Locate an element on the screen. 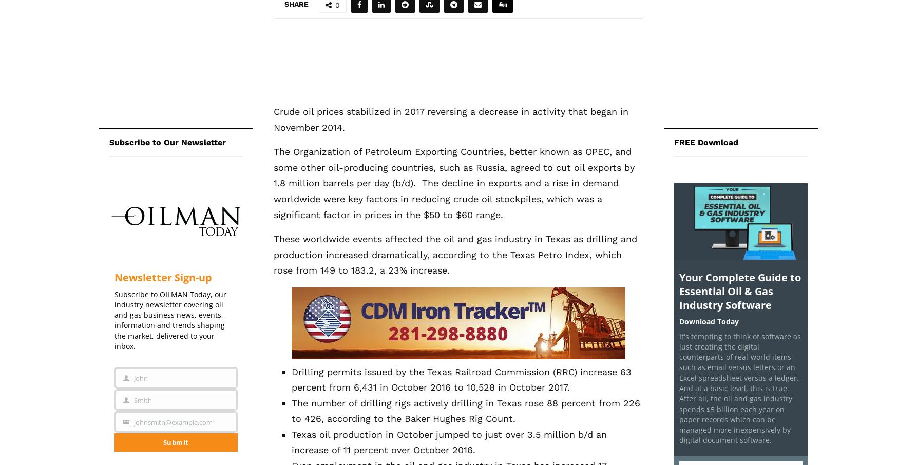  'It's tempting to think of software as just creating the digital counterparts of real-world items such as email versus letters or an Excel spreadsheet versus a ledger. And at a basic level, this is true. After all, the oil and gas industry spends $5 billion each year on paper records which can be managed more inexpensively by digital document software.' is located at coordinates (679, 387).